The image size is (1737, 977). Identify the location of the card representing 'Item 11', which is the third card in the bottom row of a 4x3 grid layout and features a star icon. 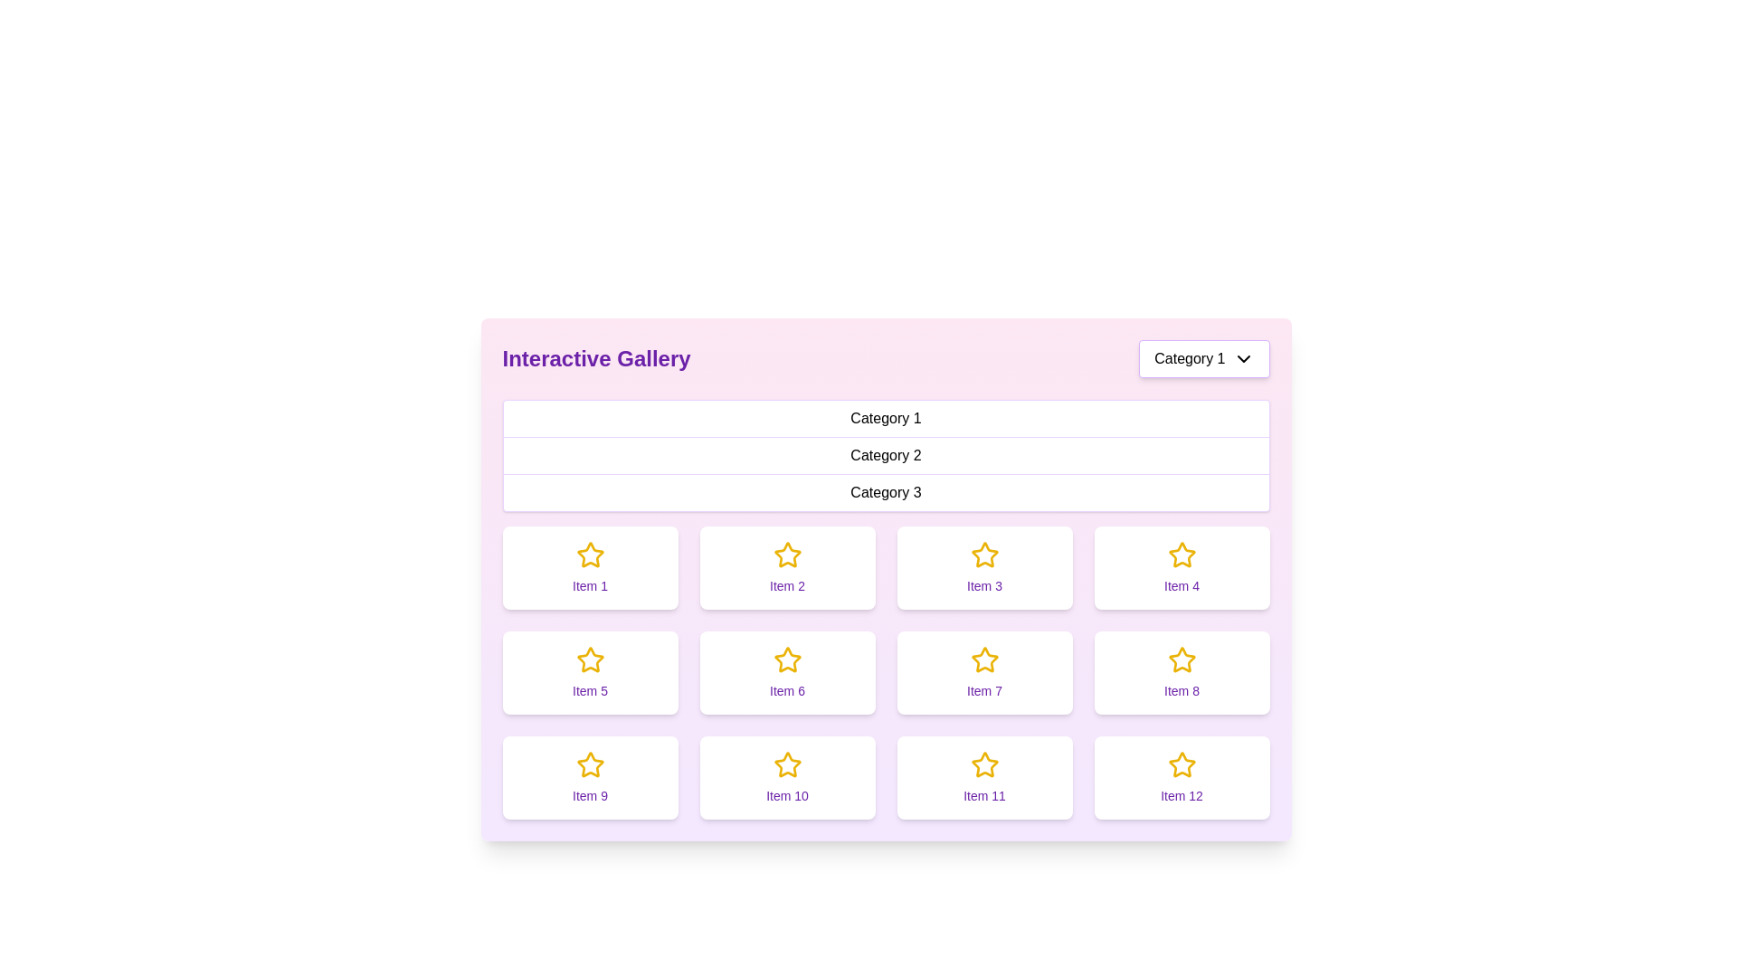
(983, 777).